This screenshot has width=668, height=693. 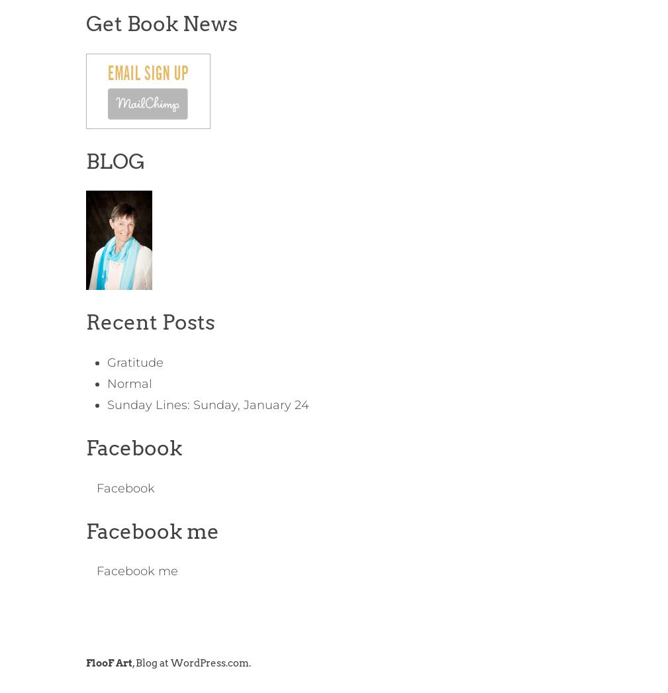 What do you see at coordinates (84, 321) in the screenshot?
I see `'Recent Posts'` at bounding box center [84, 321].